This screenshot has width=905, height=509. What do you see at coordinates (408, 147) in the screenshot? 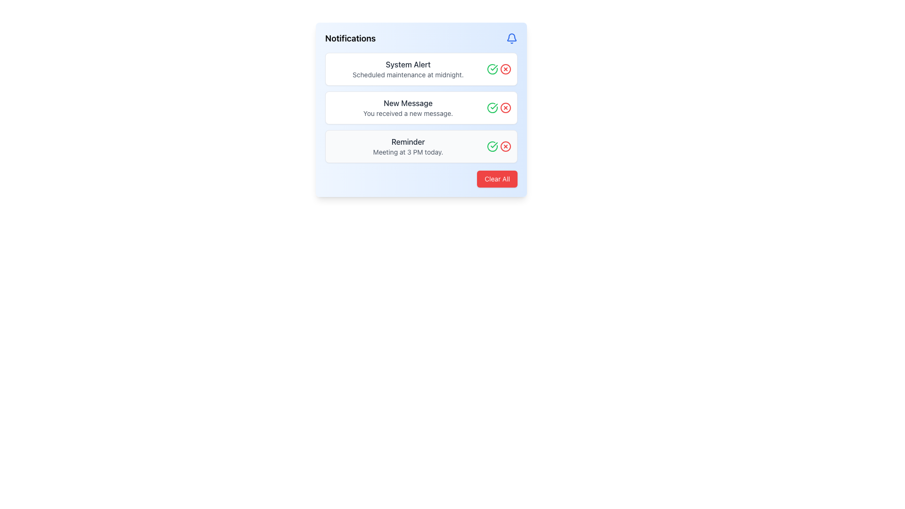
I see `the Notification item displaying 'Reminder' and 'Meeting at 3 PM today.' by moving the cursor to its center` at bounding box center [408, 147].